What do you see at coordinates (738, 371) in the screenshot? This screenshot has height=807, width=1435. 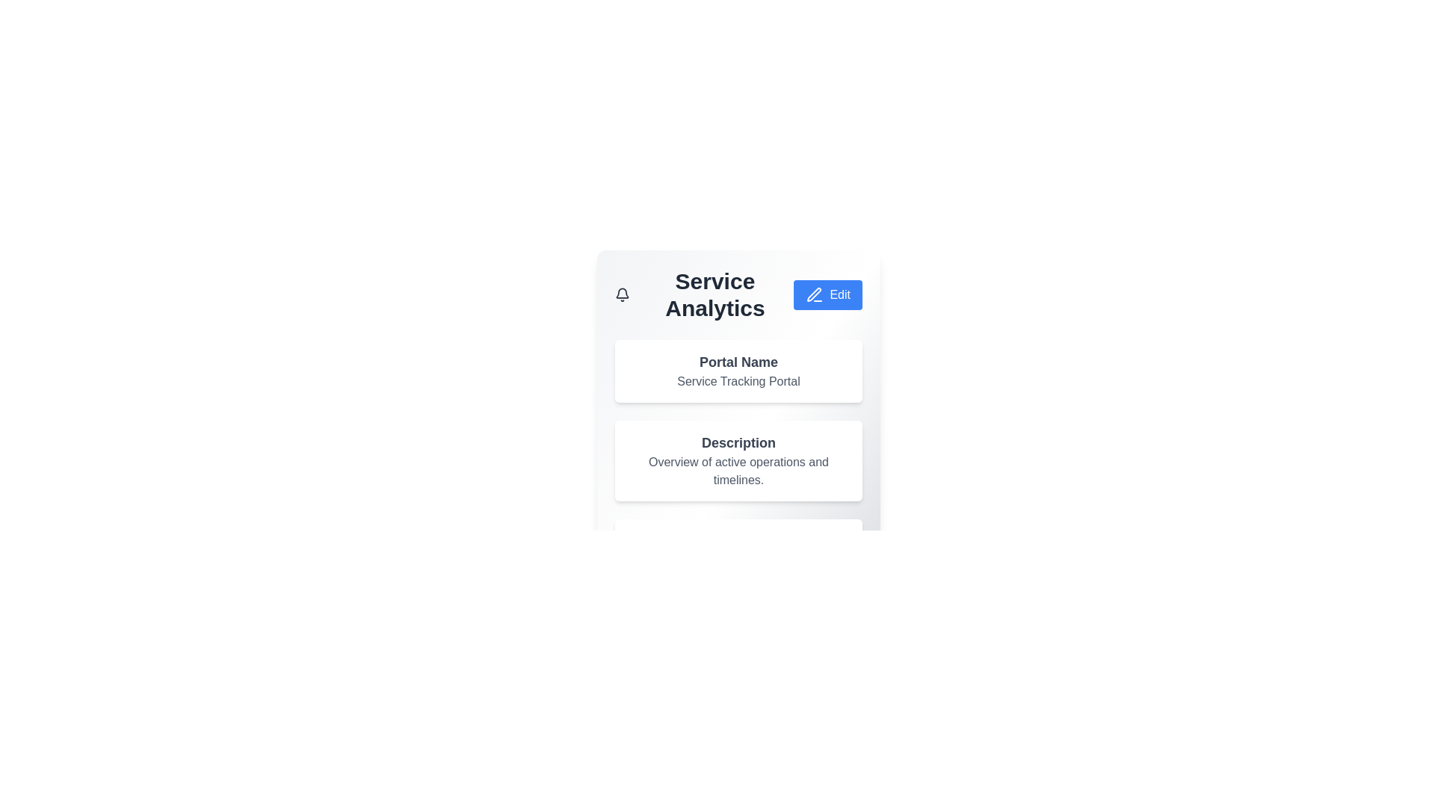 I see `the Static information card titled 'Portal Name' with subtitle 'Service Tracking Portal'` at bounding box center [738, 371].